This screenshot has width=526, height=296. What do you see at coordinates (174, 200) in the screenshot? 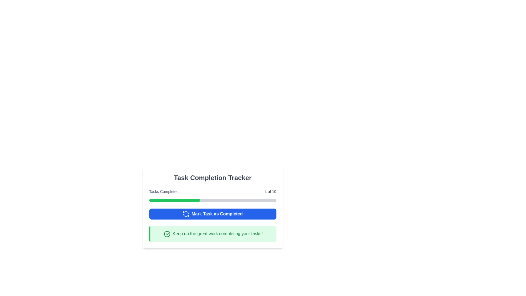
I see `the filled green section of the progress indicator bar located below the 'Tasks Completed: 4 of 10' label` at bounding box center [174, 200].